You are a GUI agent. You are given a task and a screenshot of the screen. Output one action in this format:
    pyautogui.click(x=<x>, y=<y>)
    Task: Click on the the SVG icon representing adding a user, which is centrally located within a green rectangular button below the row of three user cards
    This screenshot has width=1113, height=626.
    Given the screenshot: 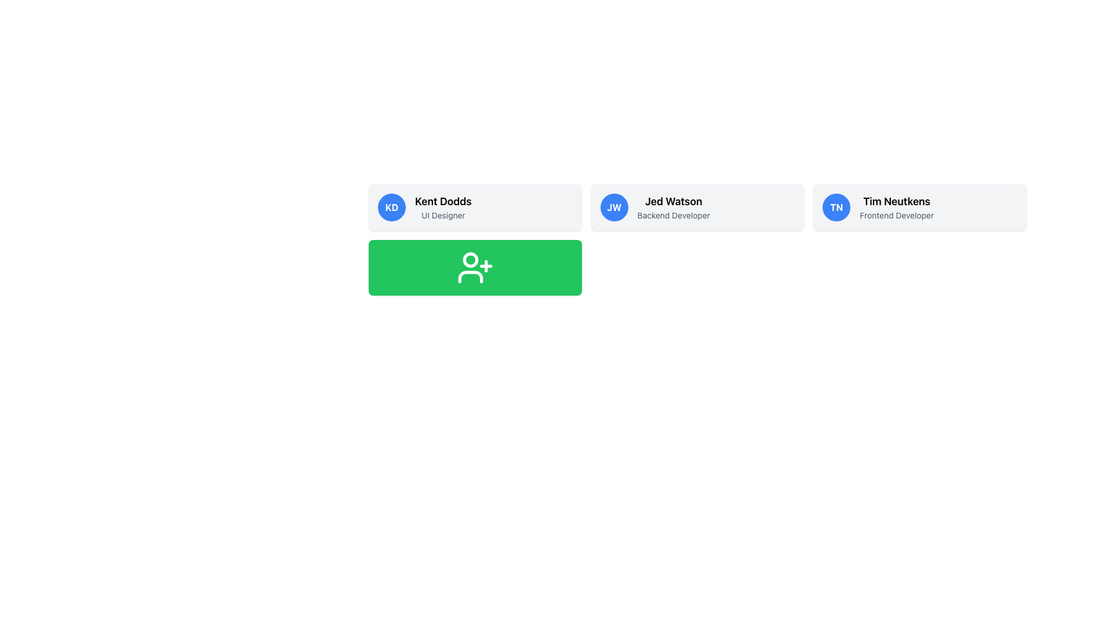 What is the action you would take?
    pyautogui.click(x=475, y=268)
    